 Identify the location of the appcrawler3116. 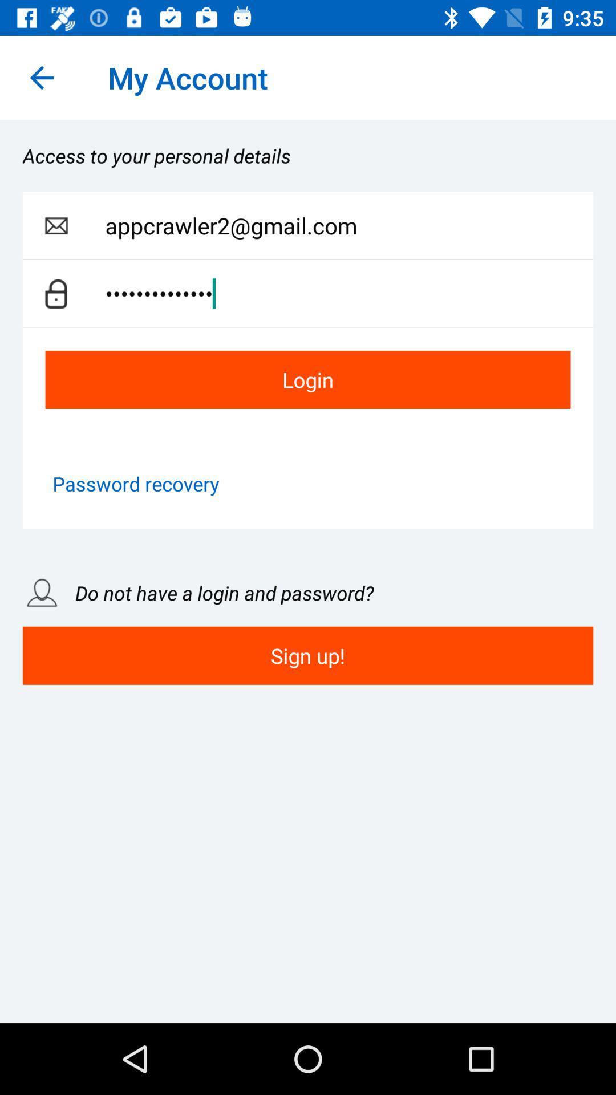
(348, 294).